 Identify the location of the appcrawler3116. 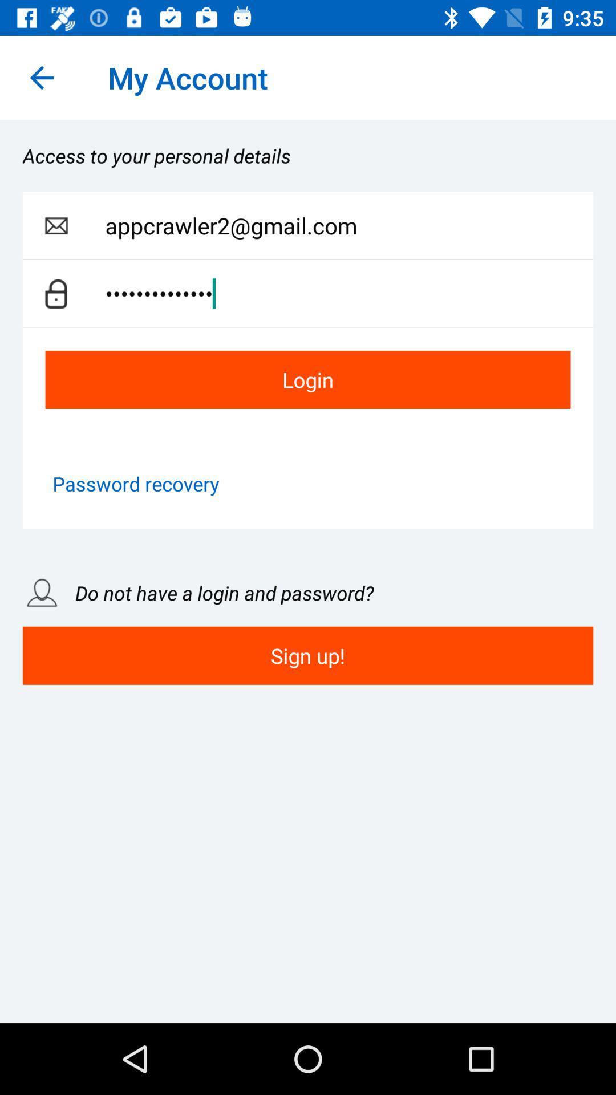
(348, 294).